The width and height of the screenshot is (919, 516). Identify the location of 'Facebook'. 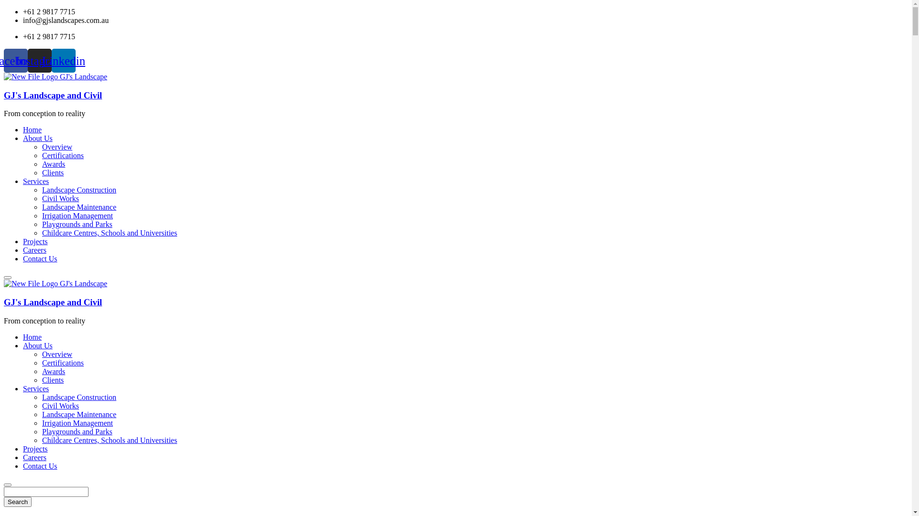
(16, 61).